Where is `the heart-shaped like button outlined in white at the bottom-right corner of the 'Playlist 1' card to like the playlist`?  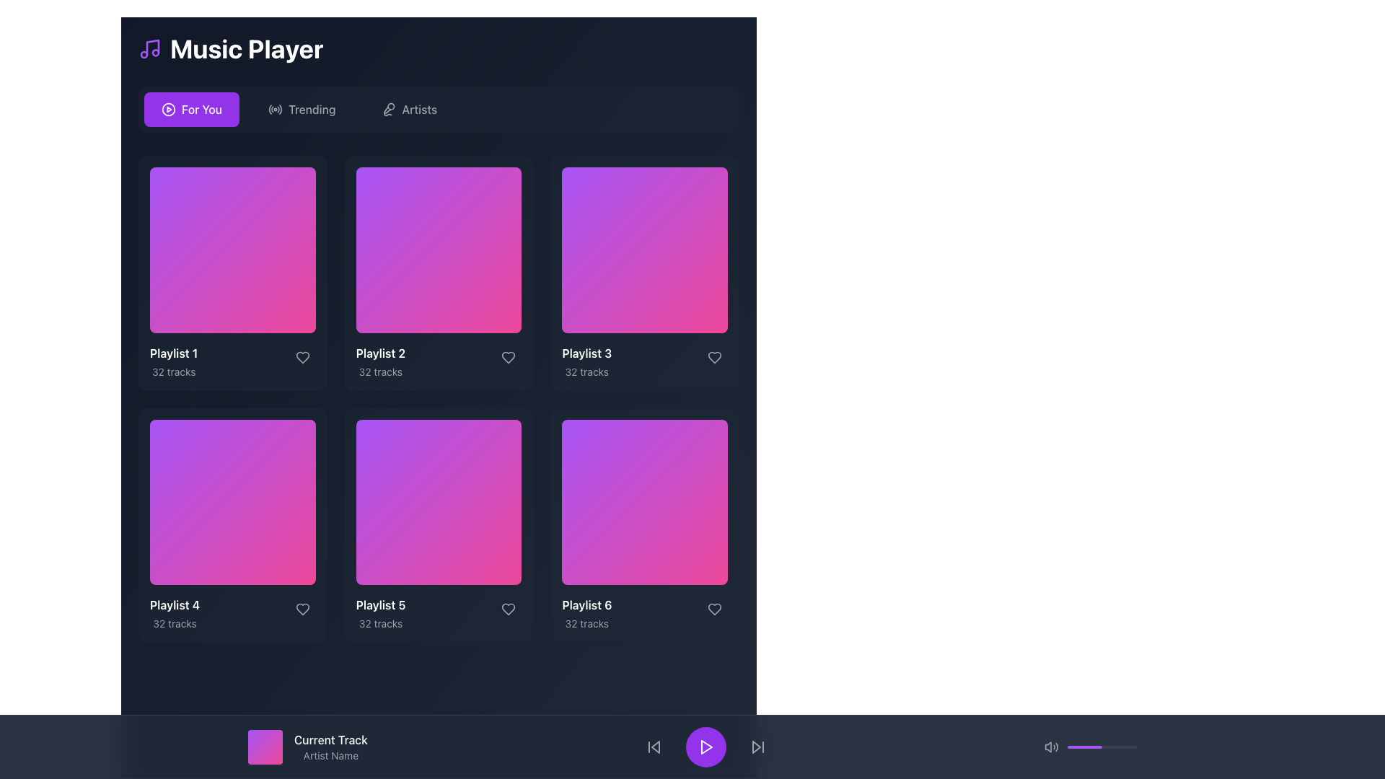 the heart-shaped like button outlined in white at the bottom-right corner of the 'Playlist 1' card to like the playlist is located at coordinates (302, 357).